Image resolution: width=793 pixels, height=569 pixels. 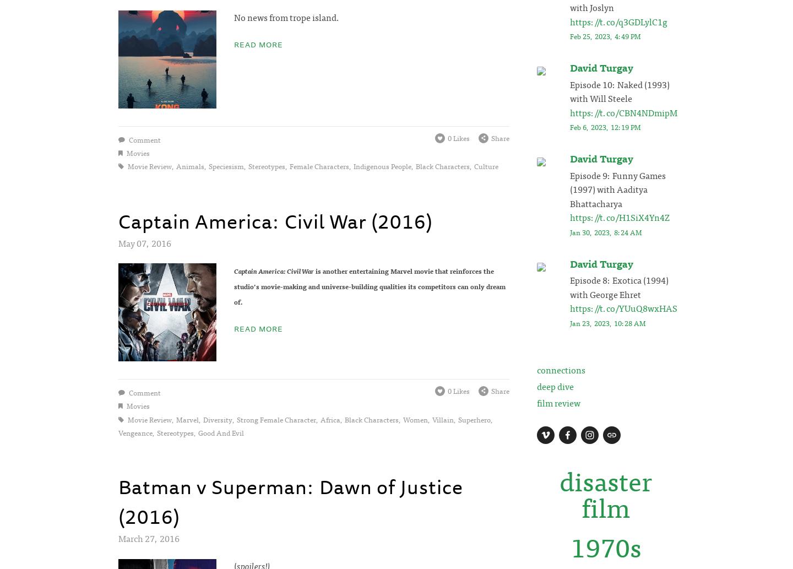 What do you see at coordinates (220, 432) in the screenshot?
I see `'good and evil'` at bounding box center [220, 432].